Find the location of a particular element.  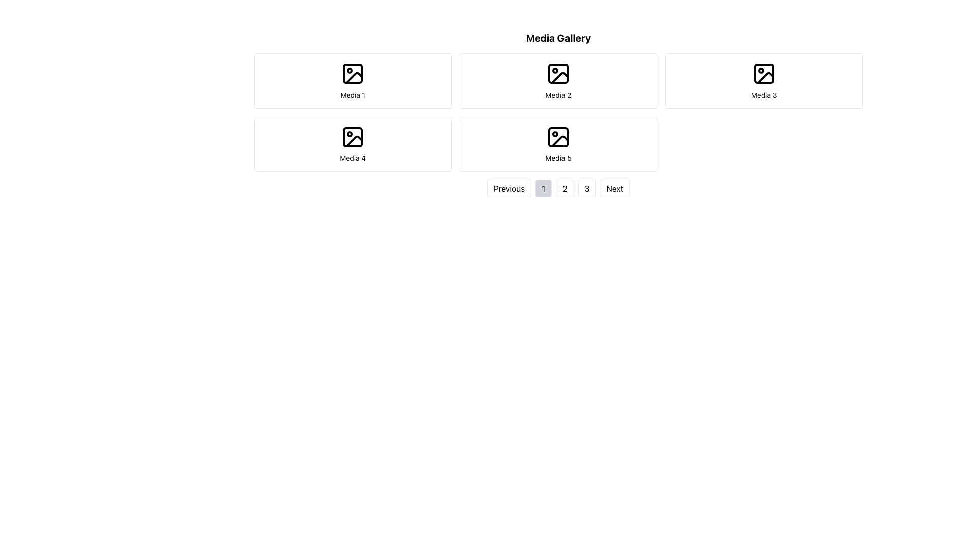

the icon representing 'Media 5' located in the center of the bottom row of a grid containing six elements is located at coordinates (557, 137).